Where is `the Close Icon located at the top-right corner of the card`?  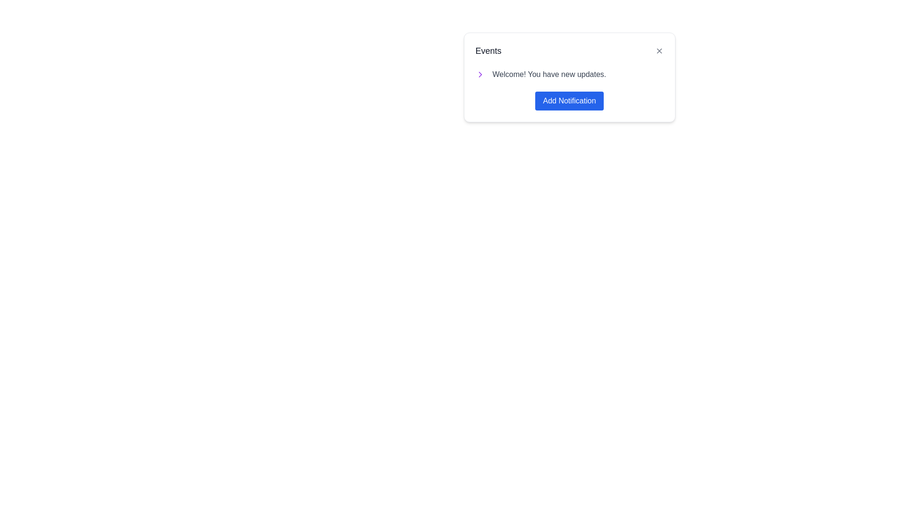
the Close Icon located at the top-right corner of the card is located at coordinates (659, 51).